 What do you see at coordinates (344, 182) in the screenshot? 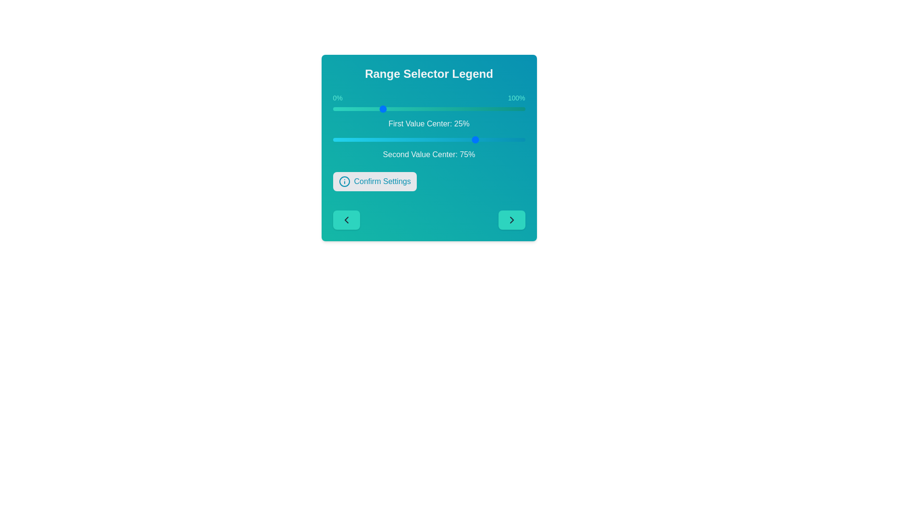
I see `the icon located to the left of the text label within the 'Confirm Settings' button` at bounding box center [344, 182].